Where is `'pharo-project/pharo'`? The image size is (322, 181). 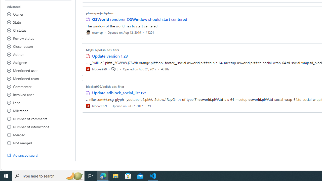
'pharo-project/pharo' is located at coordinates (100, 13).